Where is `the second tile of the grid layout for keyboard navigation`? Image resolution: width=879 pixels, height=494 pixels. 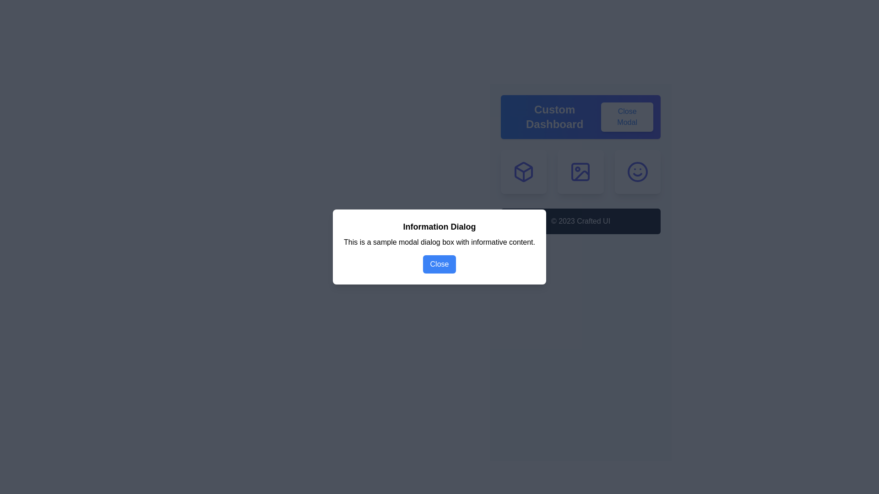 the second tile of the grid layout for keyboard navigation is located at coordinates (580, 172).